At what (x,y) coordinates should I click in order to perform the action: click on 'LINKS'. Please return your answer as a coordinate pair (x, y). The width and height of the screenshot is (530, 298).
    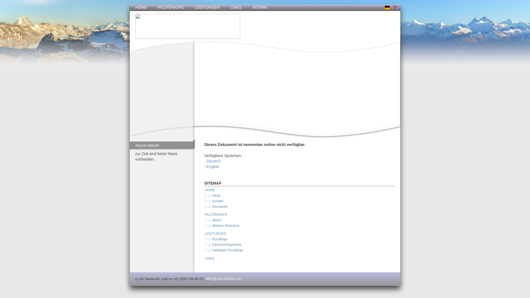
    Looking at the image, I should click on (236, 7).